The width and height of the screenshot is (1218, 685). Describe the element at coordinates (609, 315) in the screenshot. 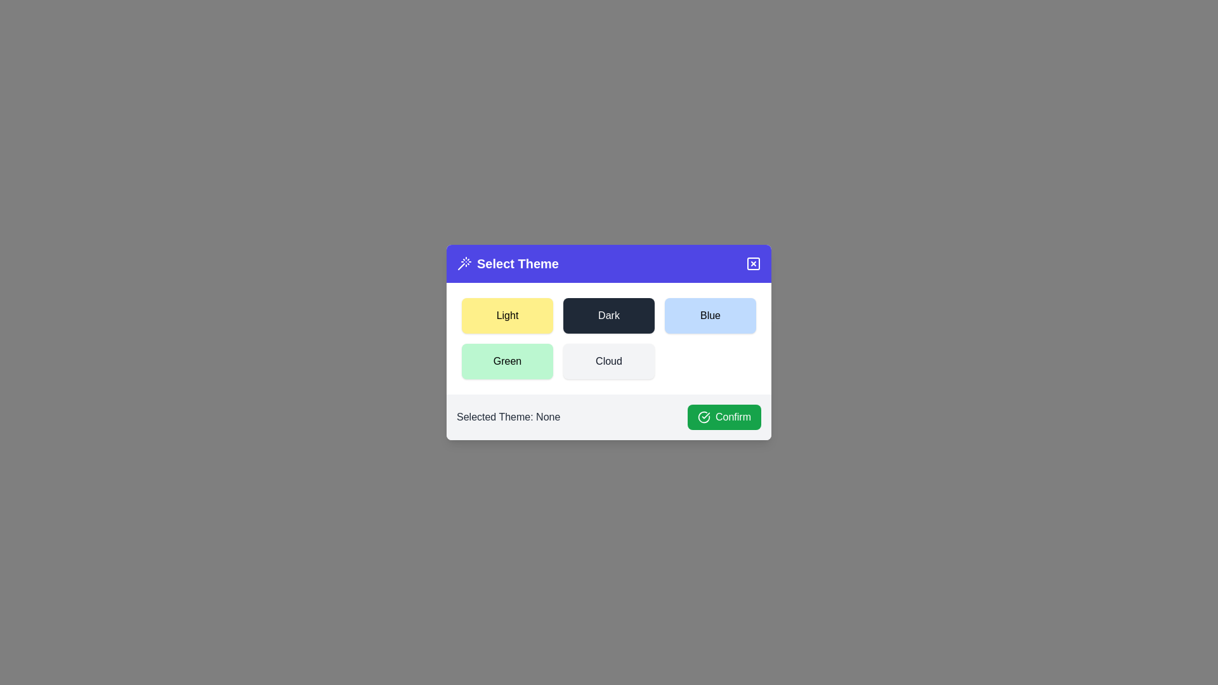

I see `the theme Dark from the available options` at that location.